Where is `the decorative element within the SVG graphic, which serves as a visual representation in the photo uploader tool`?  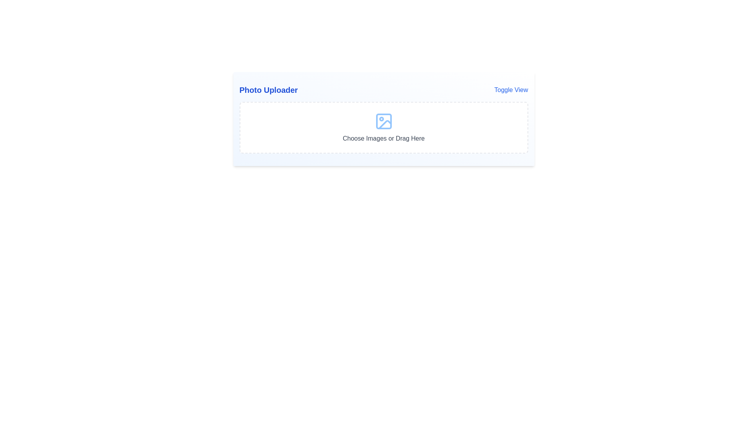
the decorative element within the SVG graphic, which serves as a visual representation in the photo uploader tool is located at coordinates (384, 121).